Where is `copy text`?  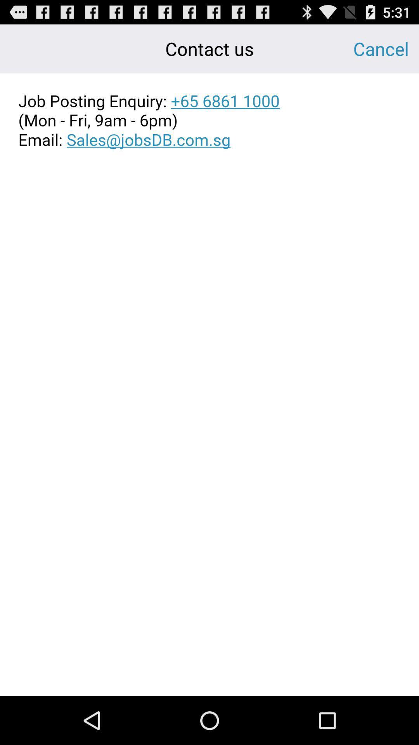
copy text is located at coordinates (209, 120).